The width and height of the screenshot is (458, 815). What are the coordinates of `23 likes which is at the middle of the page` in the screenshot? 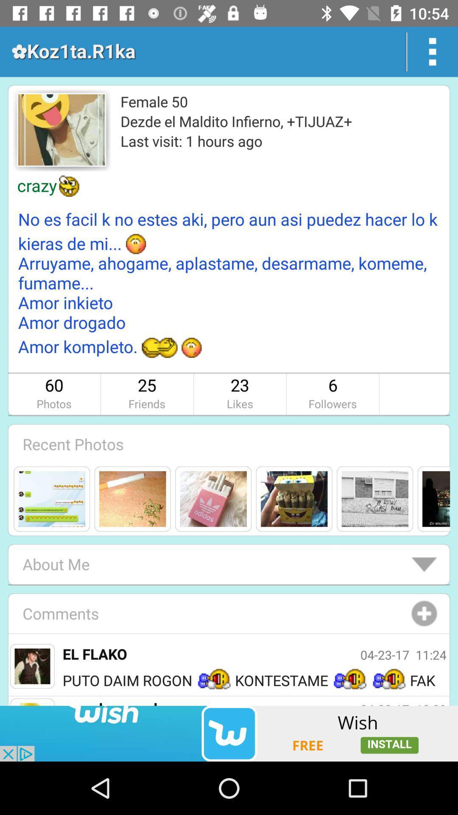 It's located at (240, 394).